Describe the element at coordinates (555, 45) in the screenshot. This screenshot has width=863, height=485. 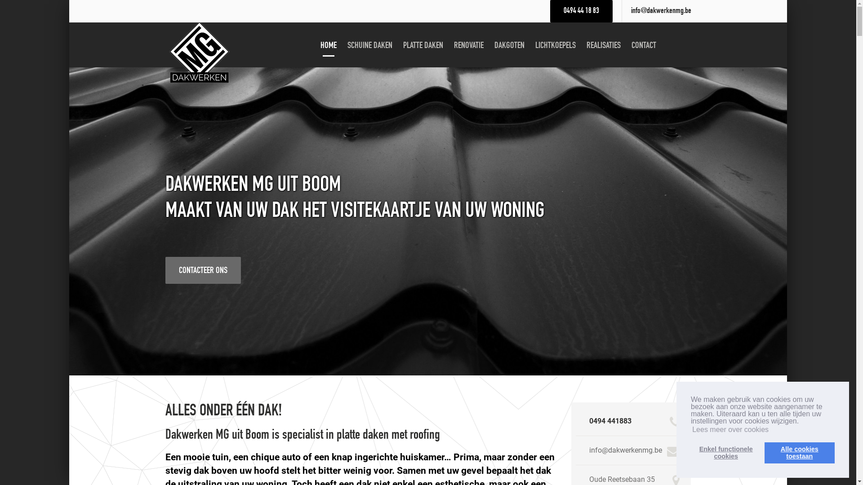
I see `'LICHTKOEPELS'` at that location.